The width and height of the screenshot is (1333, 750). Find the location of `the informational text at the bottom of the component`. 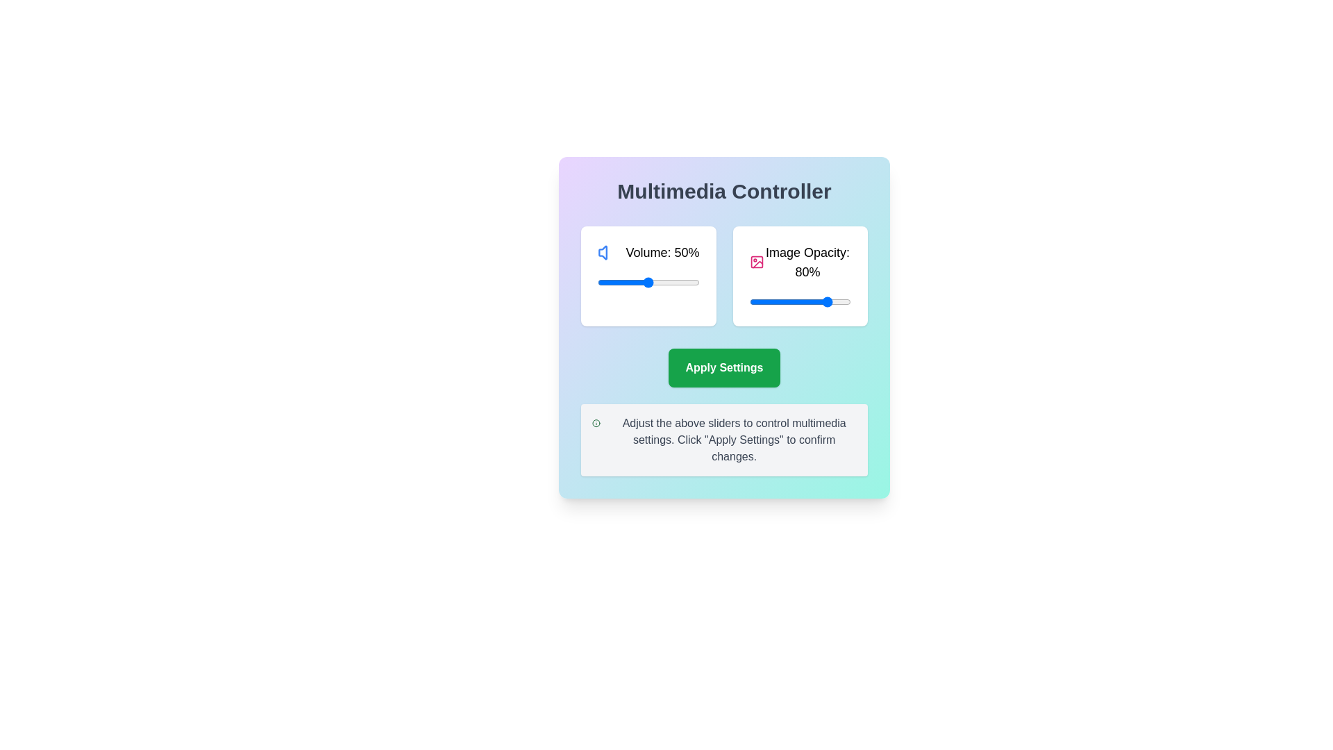

the informational text at the bottom of the component is located at coordinates (723, 440).